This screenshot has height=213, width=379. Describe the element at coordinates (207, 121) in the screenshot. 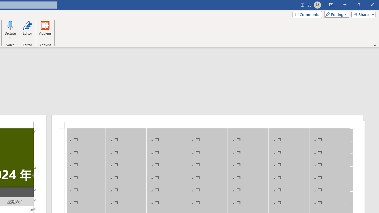

I see `'Header -Section 1-'` at that location.